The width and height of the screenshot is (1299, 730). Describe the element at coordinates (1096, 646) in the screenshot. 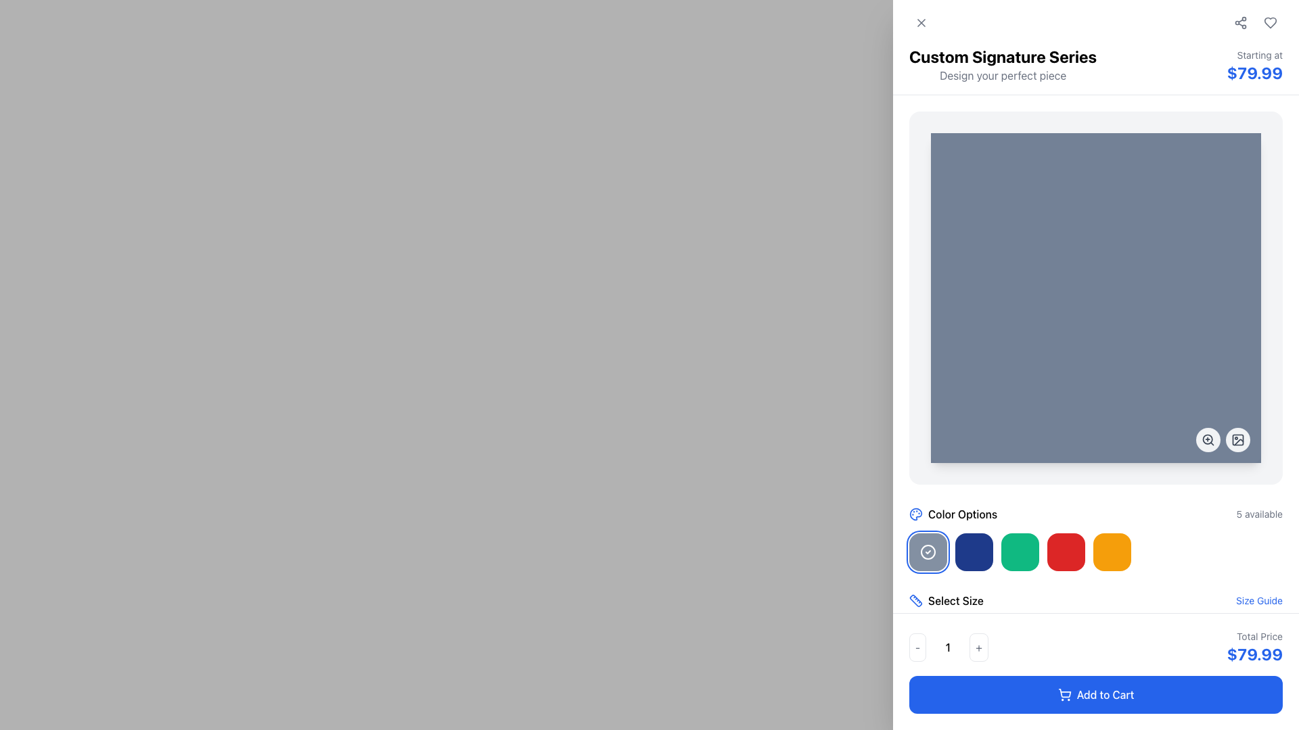

I see `the '+' button of the quantity selector located in the sticky footer section to increase the quantity` at that location.